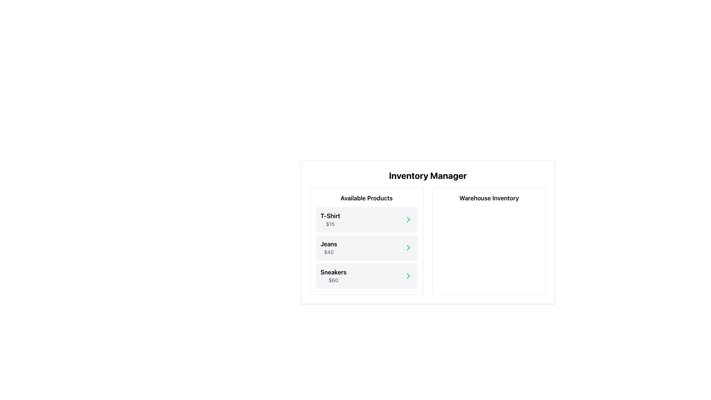 The image size is (711, 400). What do you see at coordinates (328, 247) in the screenshot?
I see `the text label displaying 'Jeans' in bold, which is the second item in the list under 'Available Products'` at bounding box center [328, 247].